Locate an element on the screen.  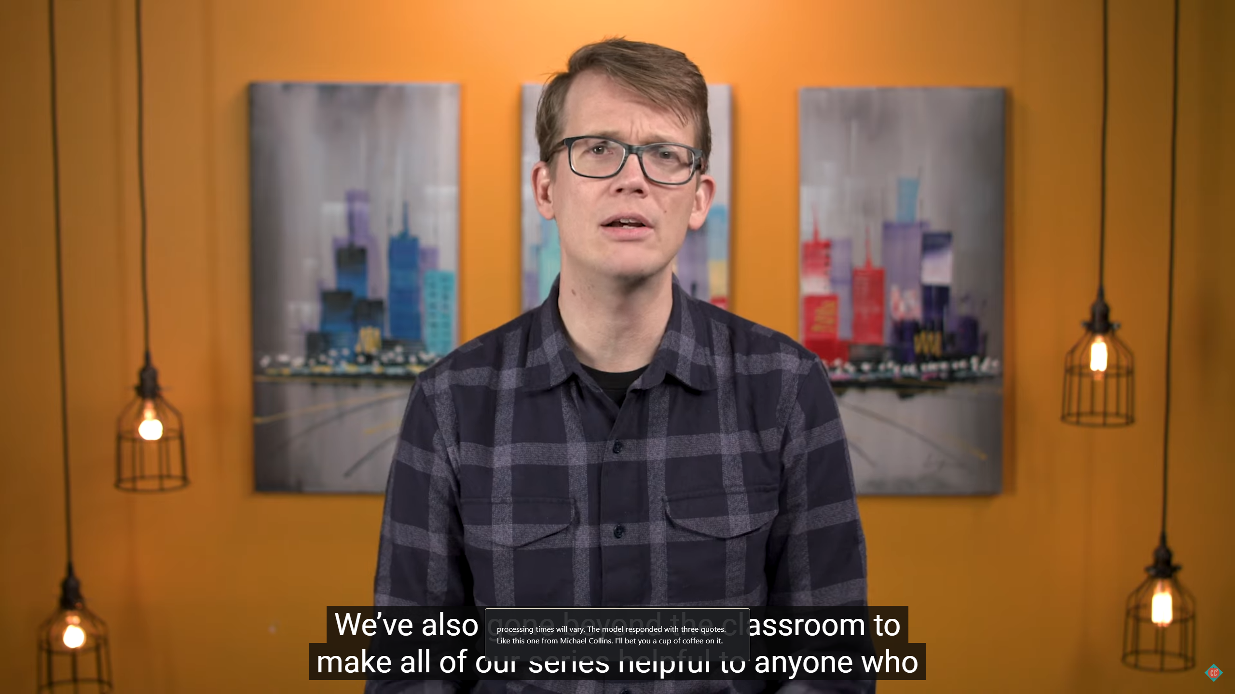
'Pause (k)' is located at coordinates (27, 681).